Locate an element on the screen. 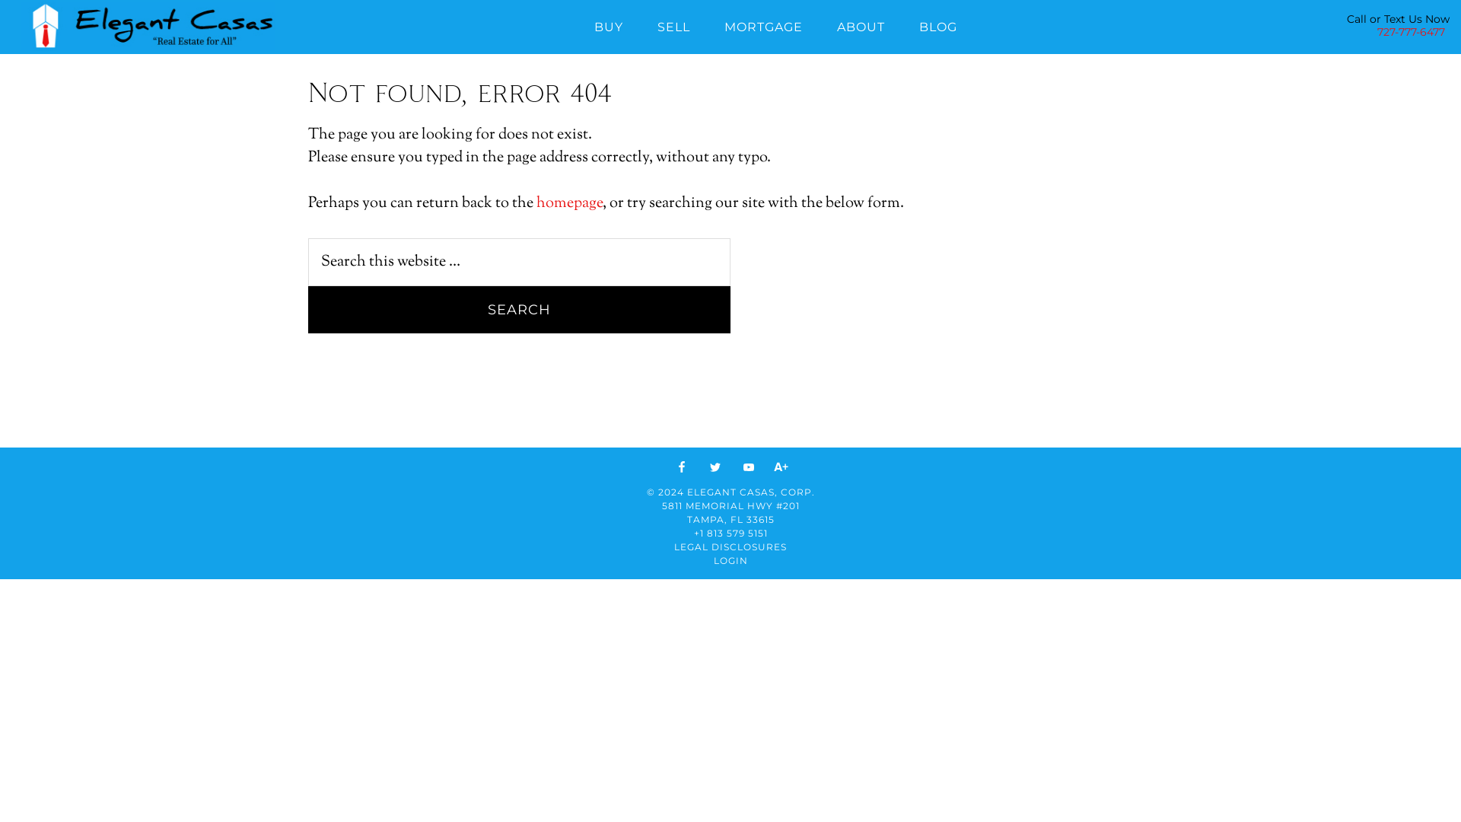  'BLOG' is located at coordinates (937, 24).